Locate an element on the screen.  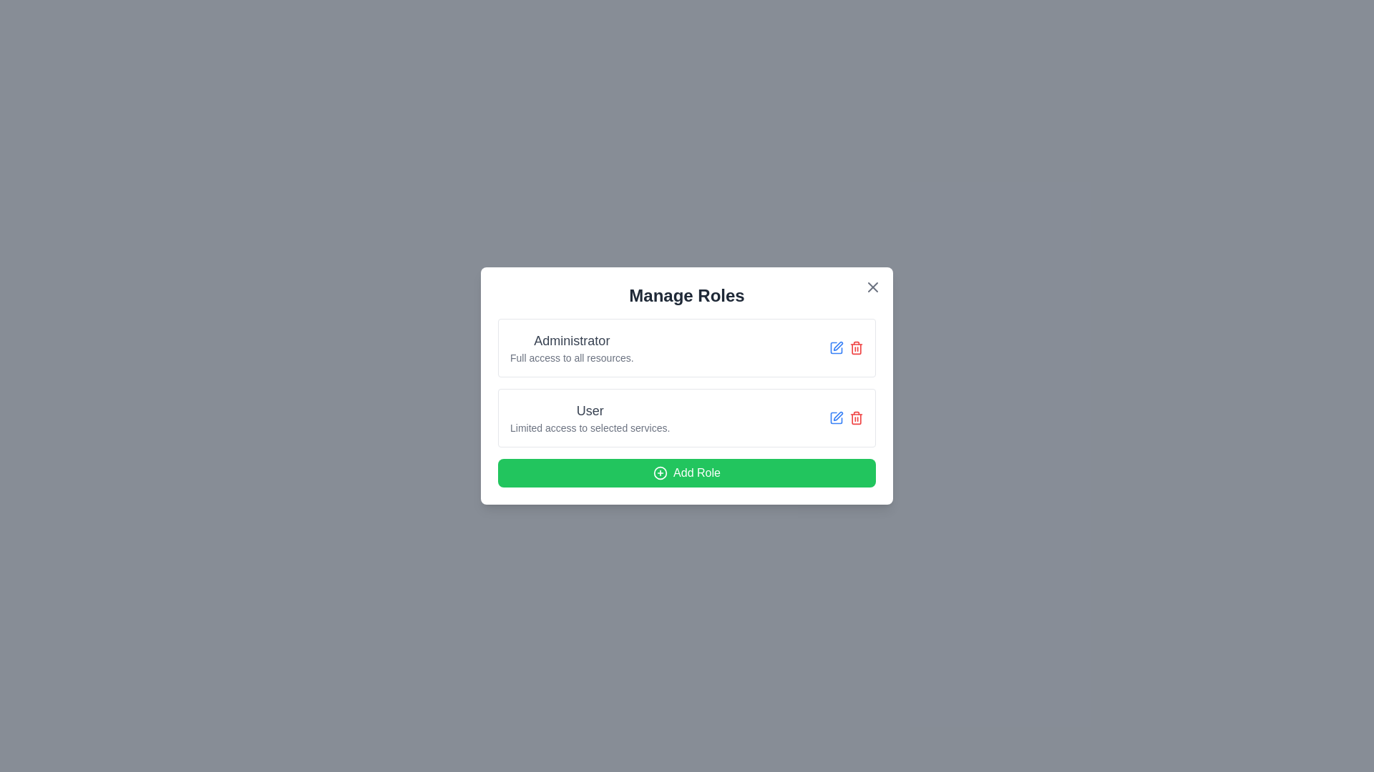
the 'Administrator' label in the user management interface, which is situated at the top of the section containing additional descriptive text is located at coordinates (571, 341).